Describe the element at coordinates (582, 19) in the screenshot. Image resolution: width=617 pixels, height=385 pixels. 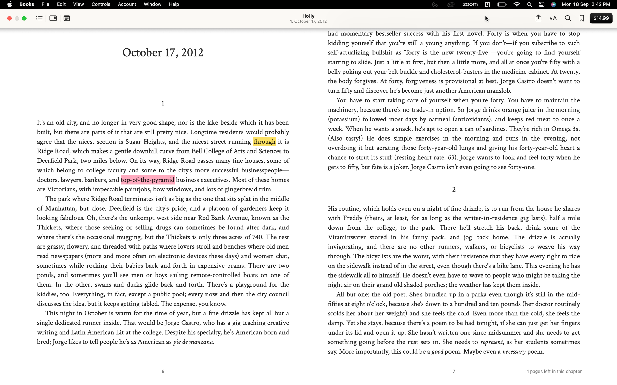
I see `Save the current page to bookmarks and display all saved bookmarks` at that location.